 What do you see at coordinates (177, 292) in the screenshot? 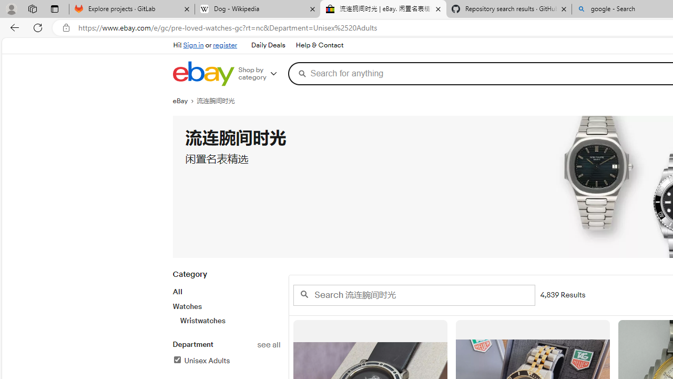
I see `'All'` at bounding box center [177, 292].